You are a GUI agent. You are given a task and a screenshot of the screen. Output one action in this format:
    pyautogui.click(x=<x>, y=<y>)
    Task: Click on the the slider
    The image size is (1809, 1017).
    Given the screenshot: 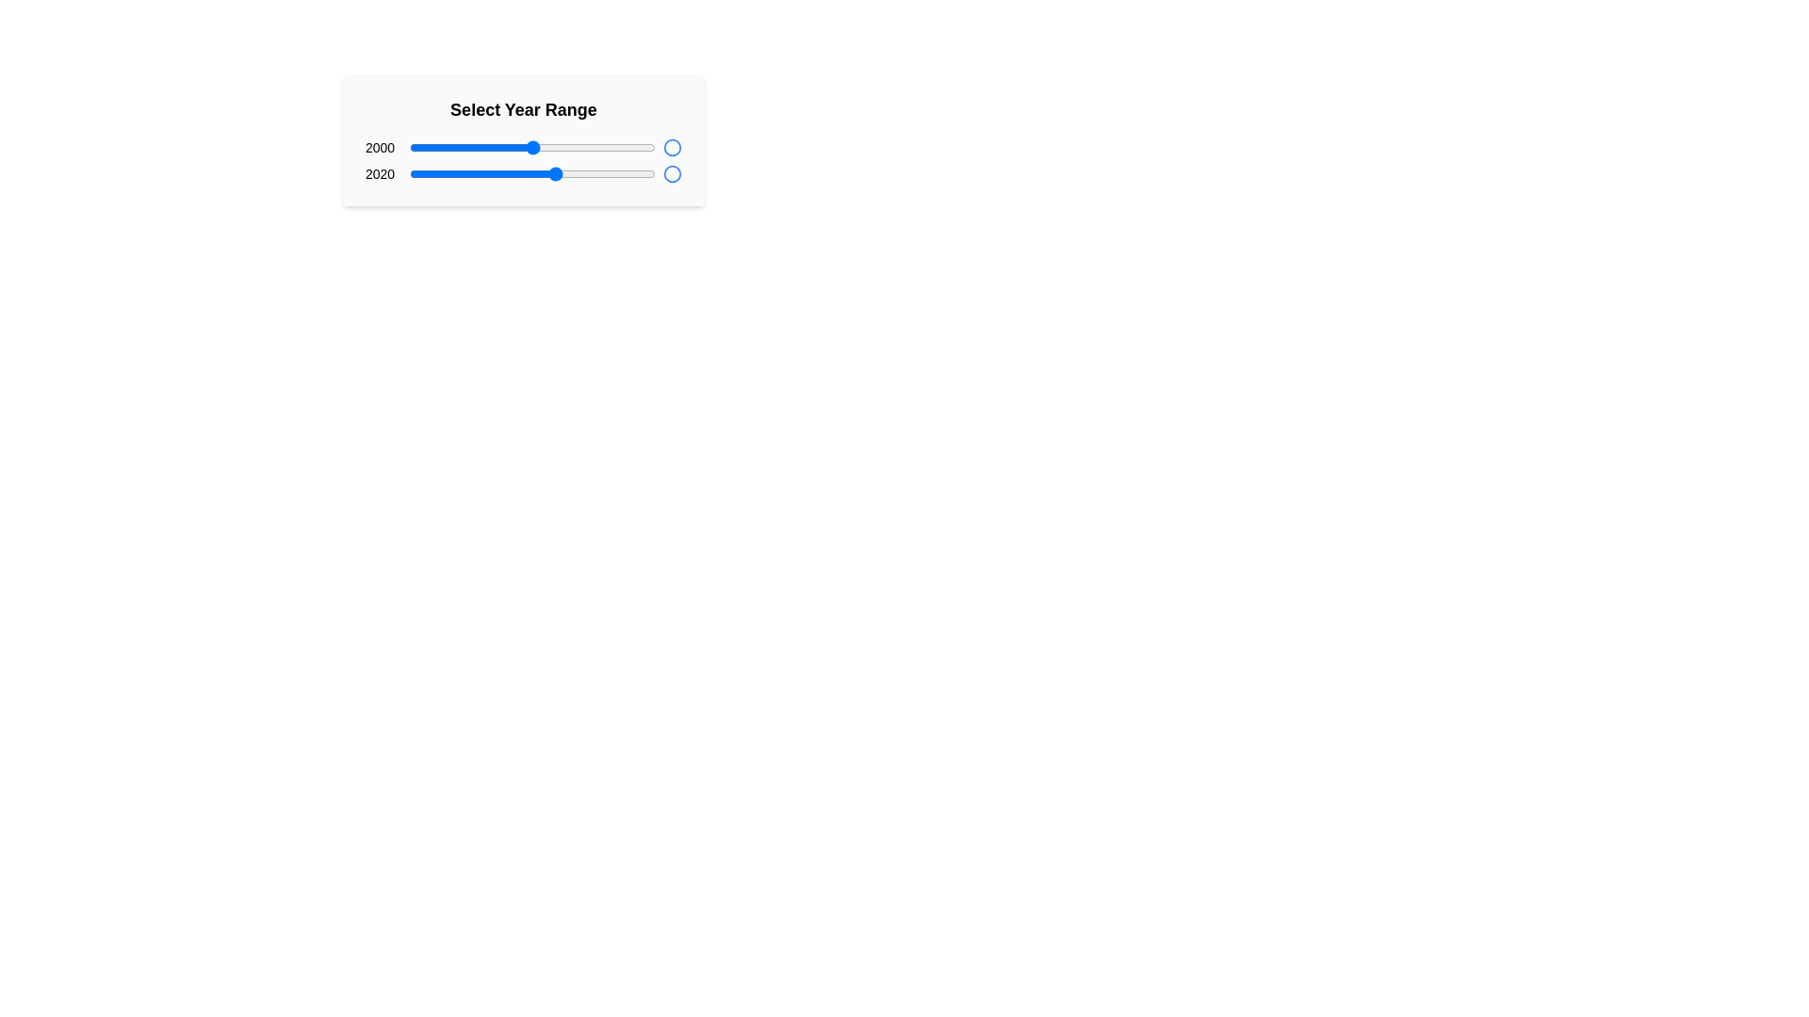 What is the action you would take?
    pyautogui.click(x=637, y=147)
    